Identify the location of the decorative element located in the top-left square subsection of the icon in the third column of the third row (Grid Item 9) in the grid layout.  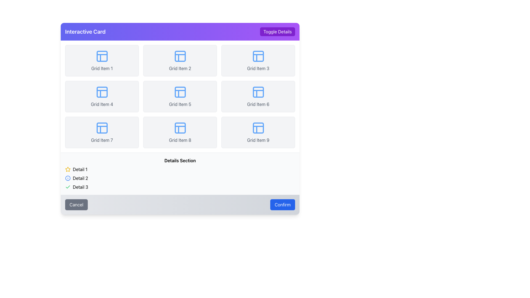
(258, 128).